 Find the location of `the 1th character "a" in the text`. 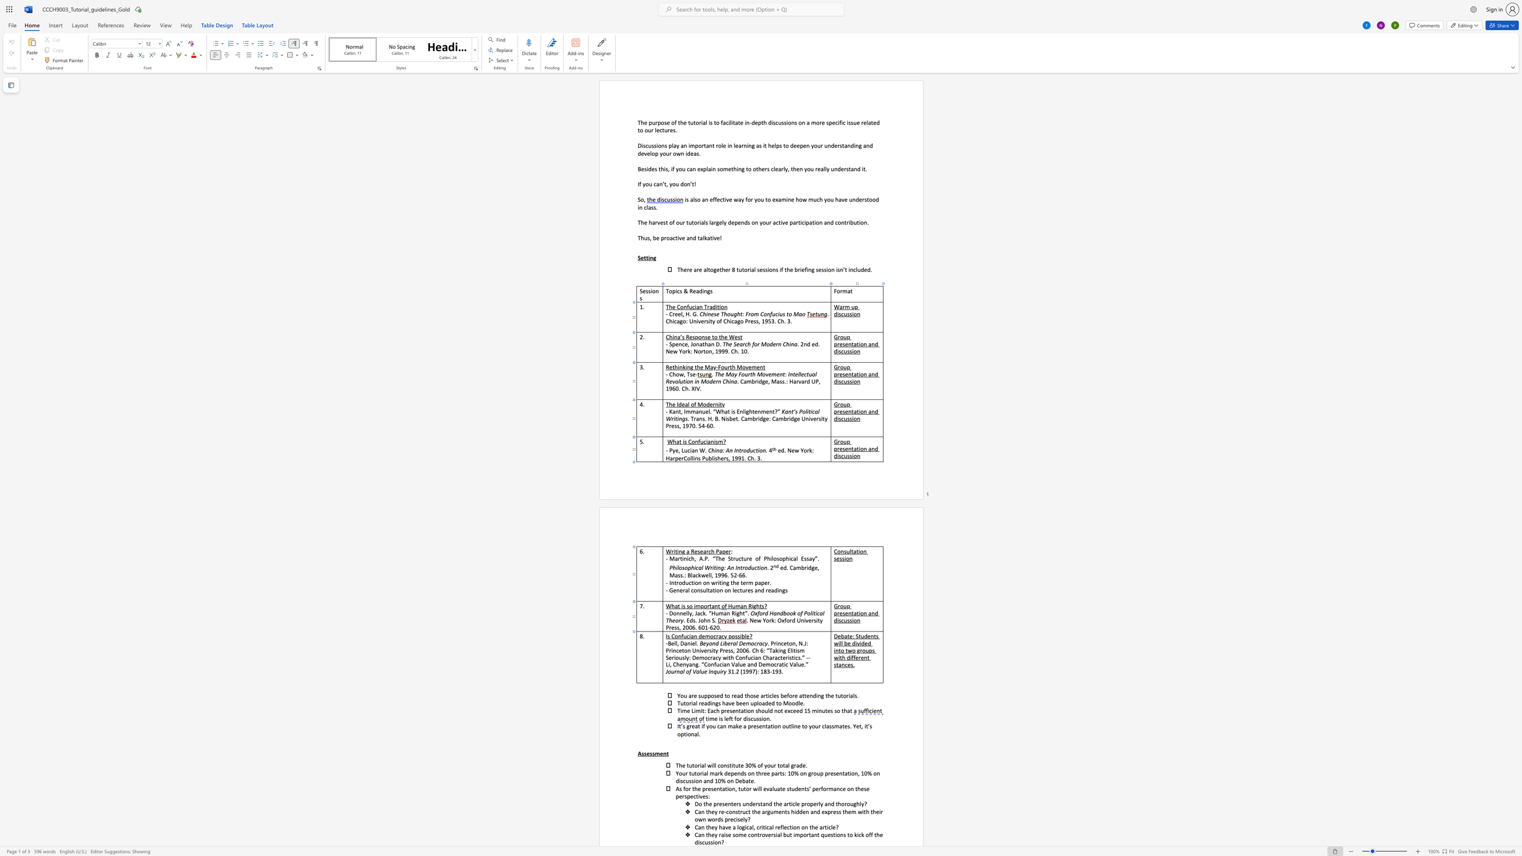

the 1th character "a" in the text is located at coordinates (741, 606).